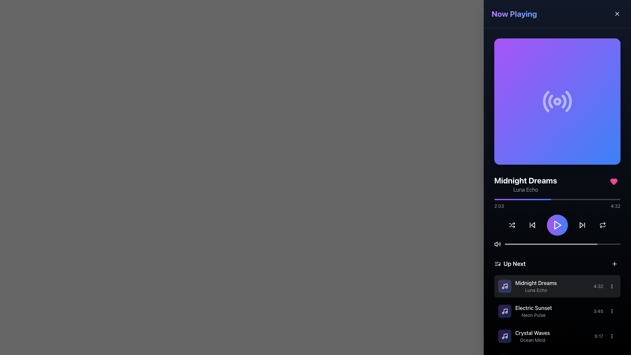 This screenshot has width=631, height=355. What do you see at coordinates (602, 225) in the screenshot?
I see `the circular icon button featuring a looping arrow motif` at bounding box center [602, 225].